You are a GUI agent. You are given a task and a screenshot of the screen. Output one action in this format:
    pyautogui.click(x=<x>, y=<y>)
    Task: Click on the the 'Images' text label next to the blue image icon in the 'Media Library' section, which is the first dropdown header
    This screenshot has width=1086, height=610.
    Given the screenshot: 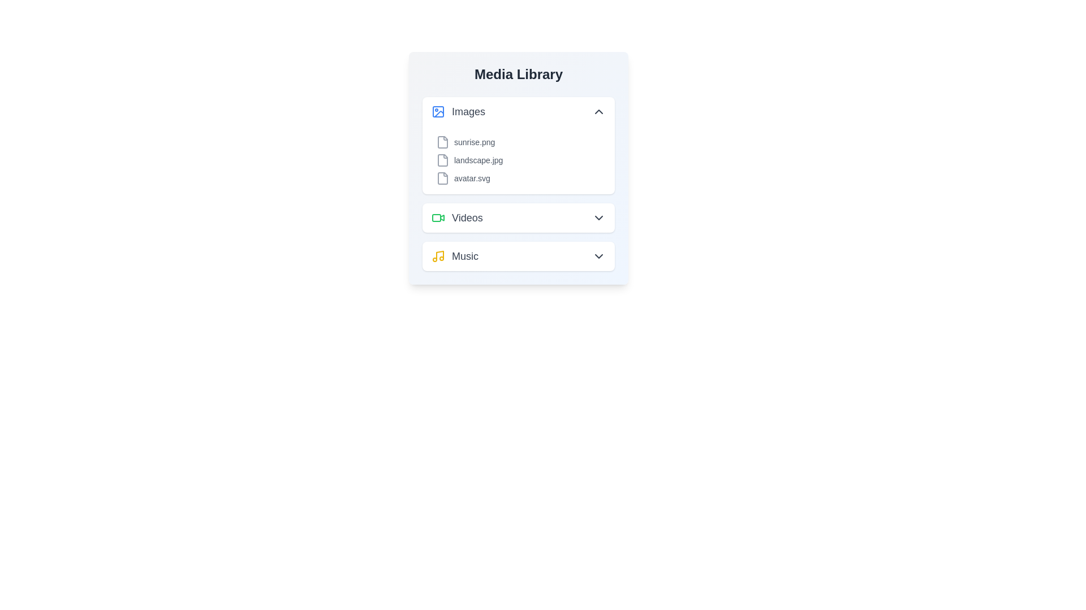 What is the action you would take?
    pyautogui.click(x=468, y=111)
    